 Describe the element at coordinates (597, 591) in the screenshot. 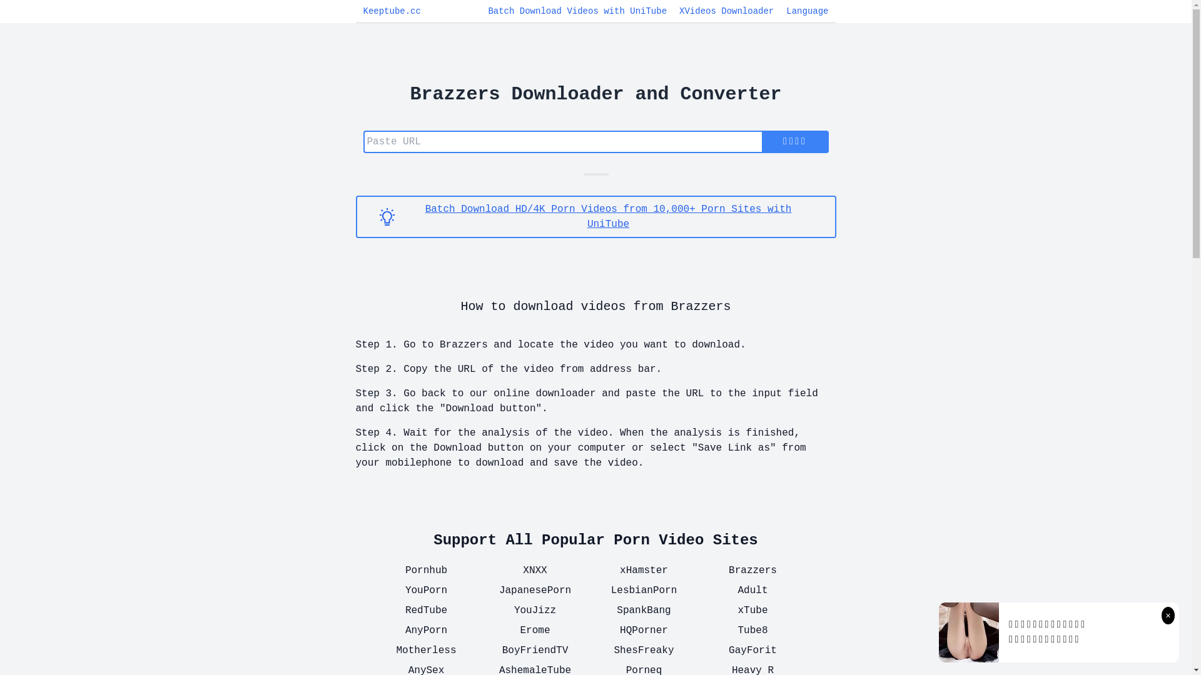

I see `'LesbianPorn'` at that location.